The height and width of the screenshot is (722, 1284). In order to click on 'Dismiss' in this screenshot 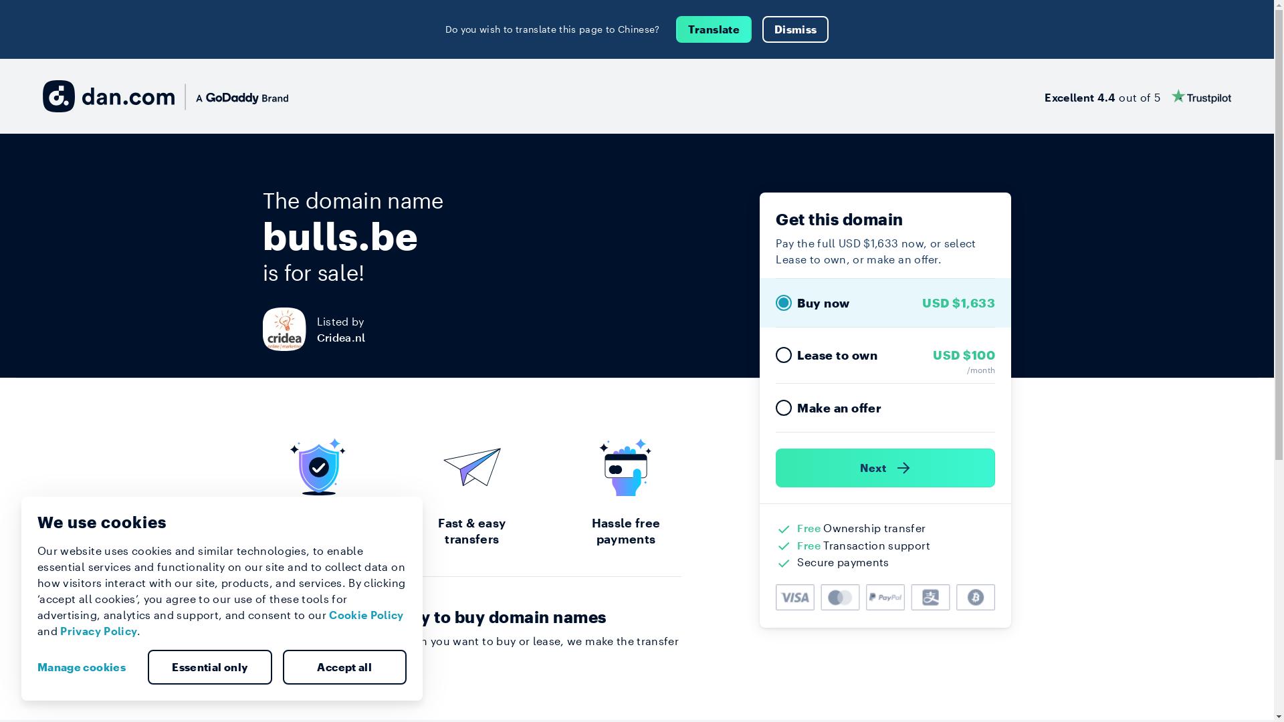, I will do `click(762, 29)`.